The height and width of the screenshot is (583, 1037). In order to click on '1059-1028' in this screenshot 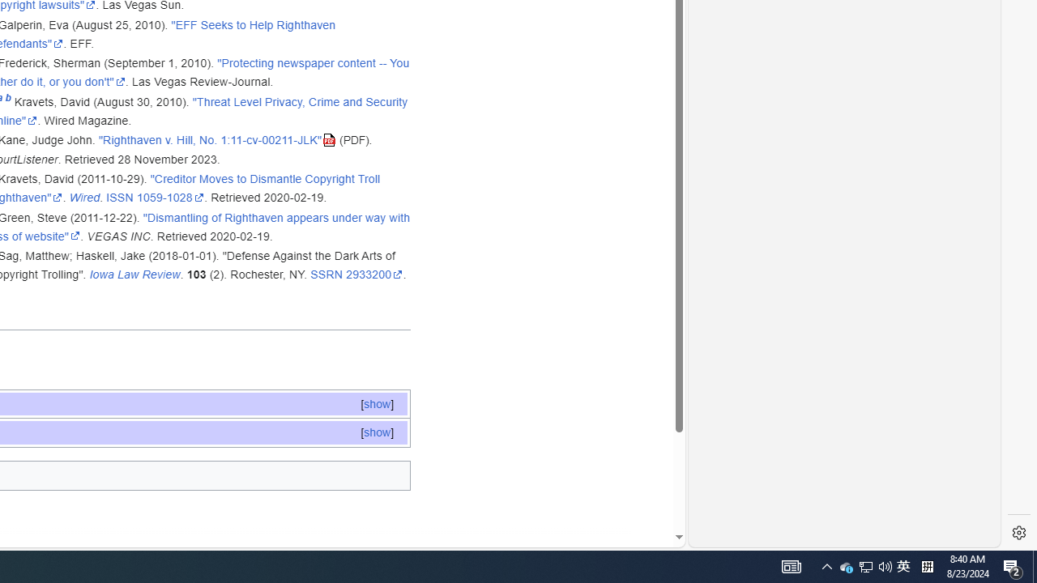, I will do `click(170, 197)`.